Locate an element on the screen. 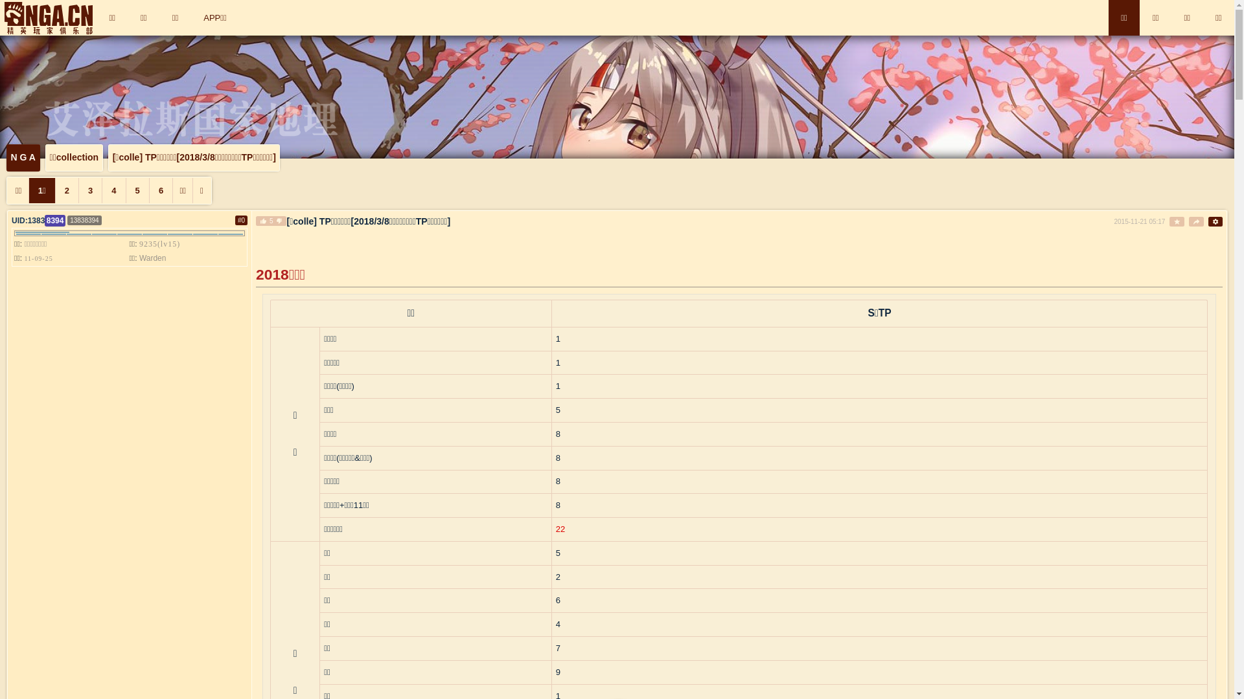  '#0' is located at coordinates (241, 219).